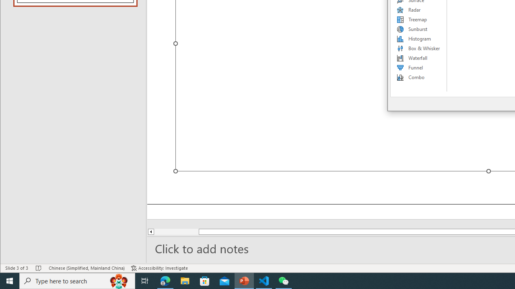  Describe the element at coordinates (77, 280) in the screenshot. I see `'Type here to search'` at that location.